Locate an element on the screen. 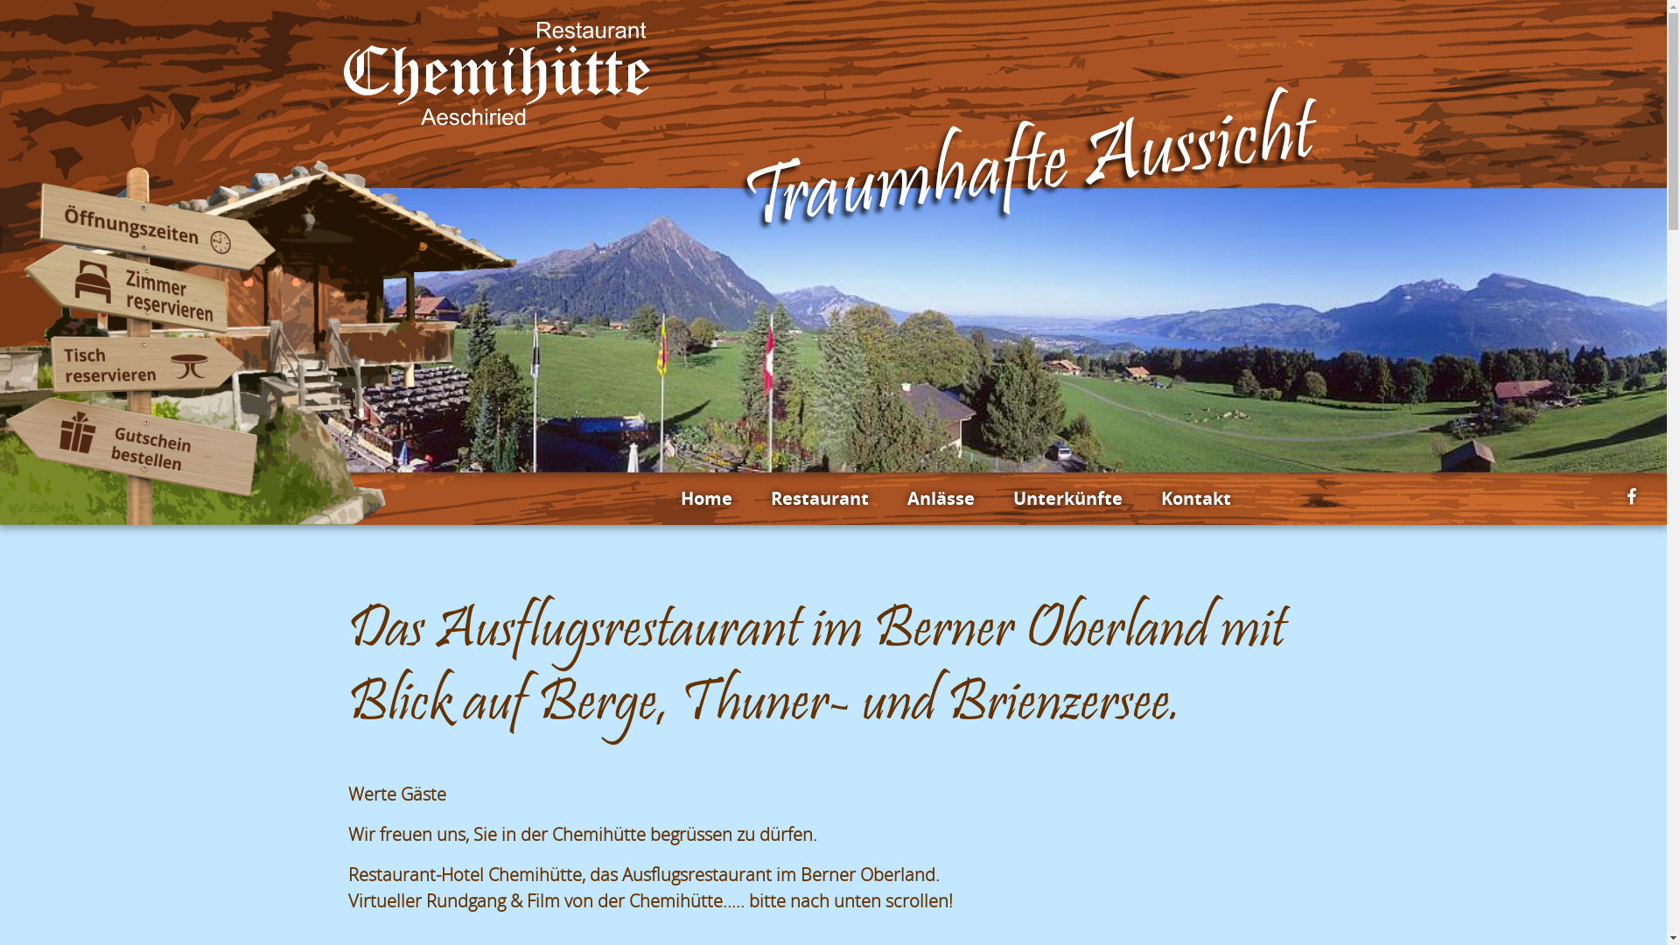 This screenshot has width=1680, height=945. 'Kontakt' is located at coordinates (1194, 499).